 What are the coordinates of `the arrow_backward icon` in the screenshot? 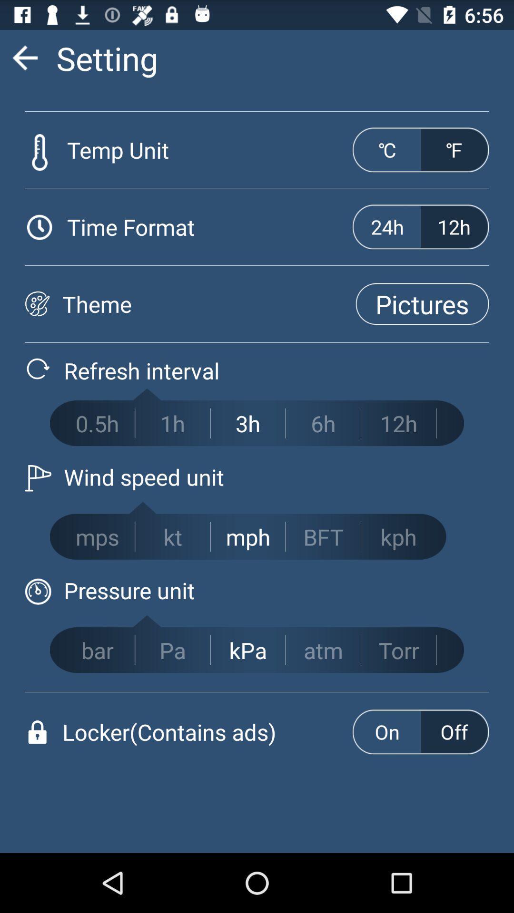 It's located at (24, 61).